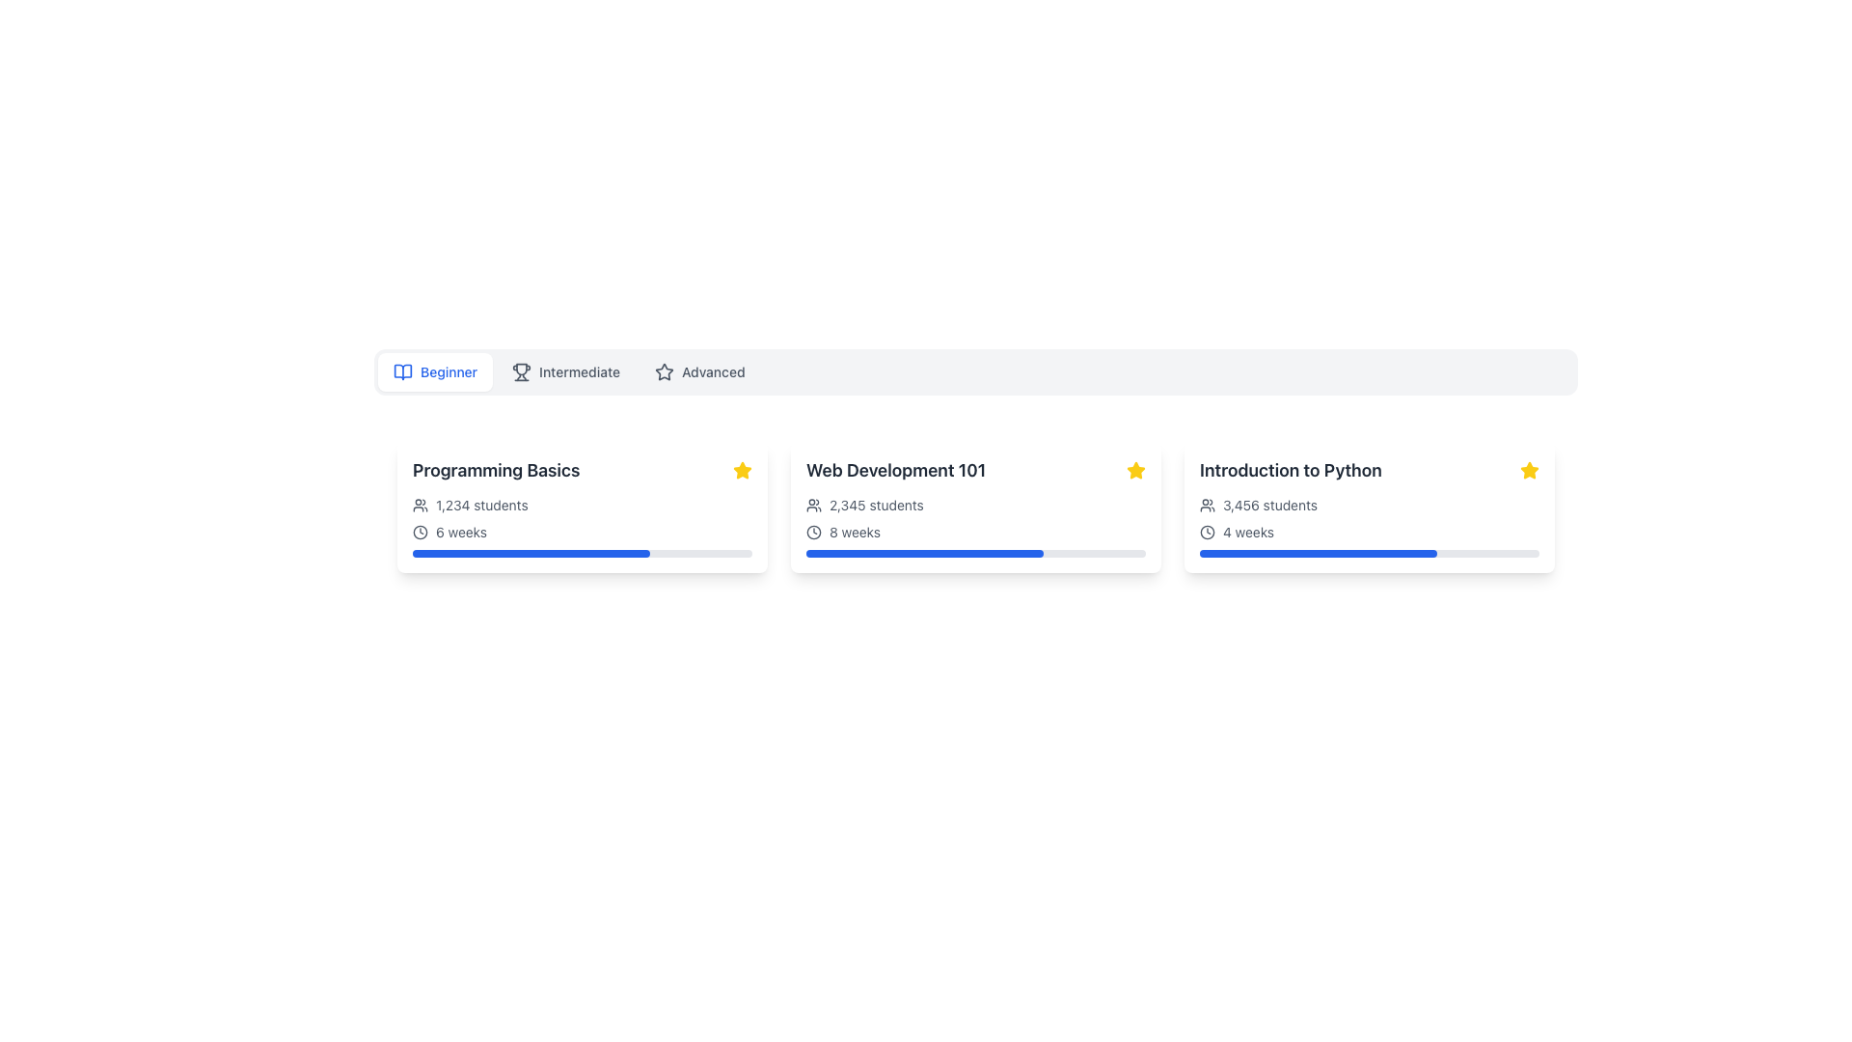 The height and width of the screenshot is (1042, 1852). Describe the element at coordinates (582, 554) in the screenshot. I see `the progress bar located below the text '6 weeks' inside the 'Programming Basics' card, which visually represents the user's progress in a course` at that location.